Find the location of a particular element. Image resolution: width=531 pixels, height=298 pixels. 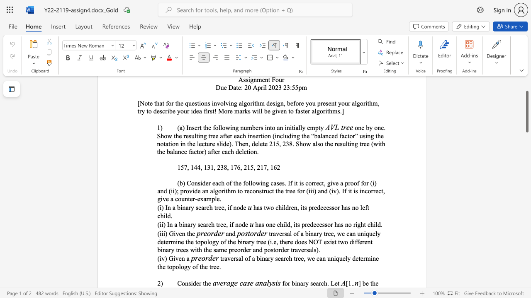

the scrollbar to adjust the page downward is located at coordinates (526, 223).